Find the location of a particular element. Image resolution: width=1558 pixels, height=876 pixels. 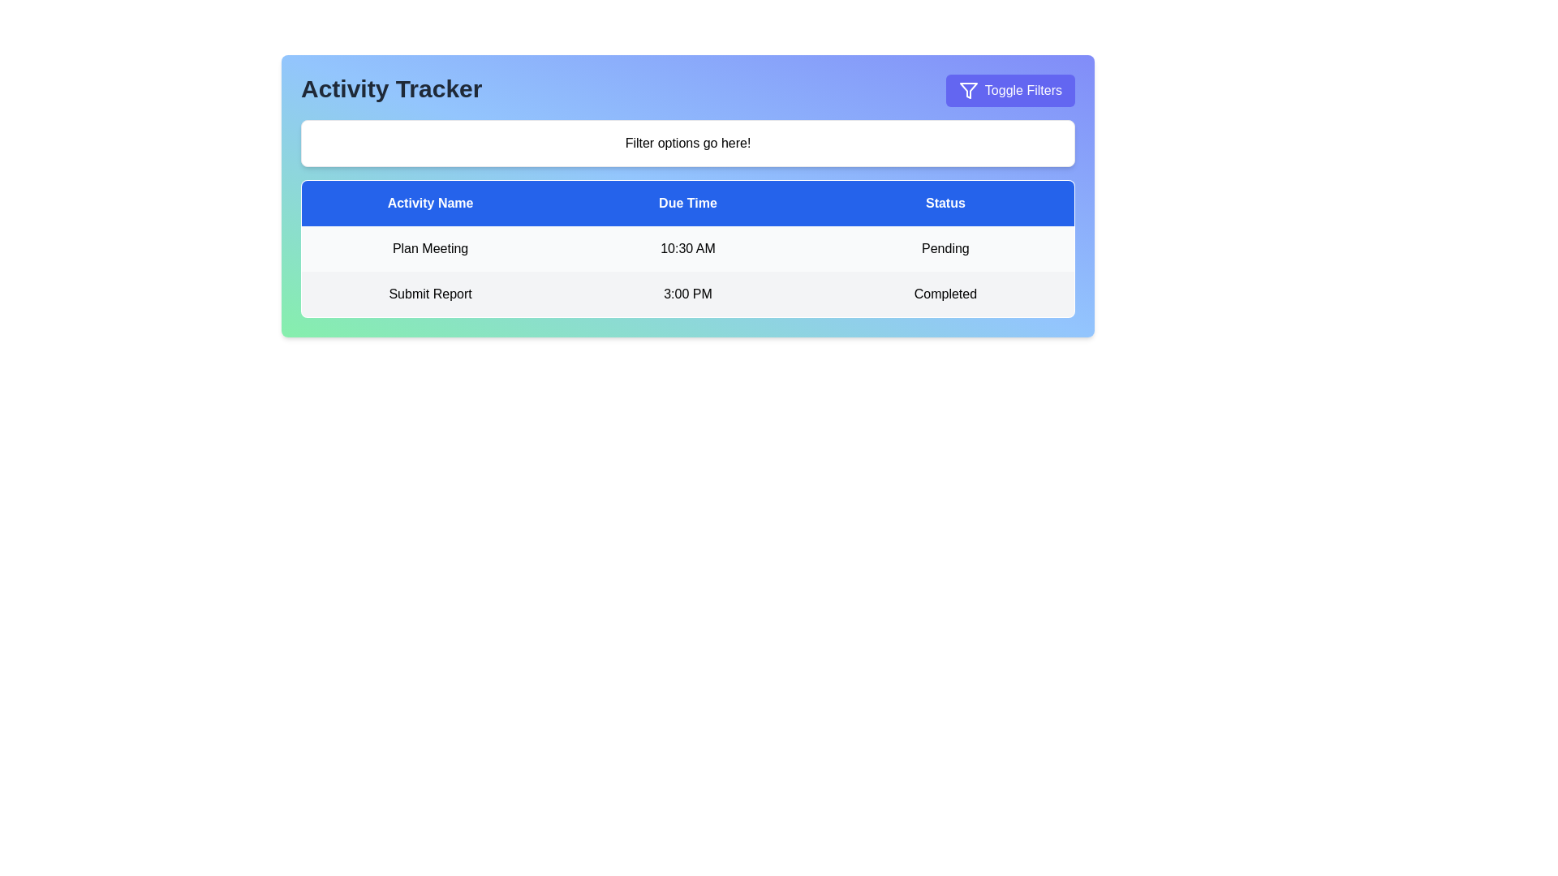

the text label '10:30 AM' which is located in the second column of the first row within a table, aligning with the header 'Due Time' is located at coordinates (688, 249).